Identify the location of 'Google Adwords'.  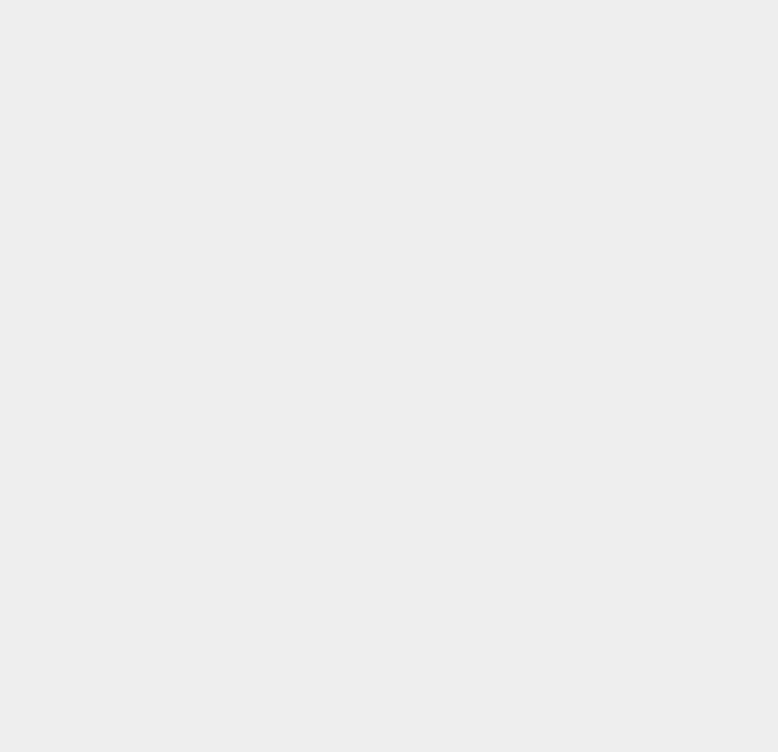
(586, 560).